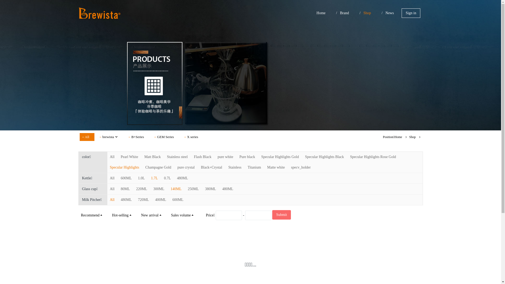  What do you see at coordinates (129, 156) in the screenshot?
I see `'Pearl White'` at bounding box center [129, 156].